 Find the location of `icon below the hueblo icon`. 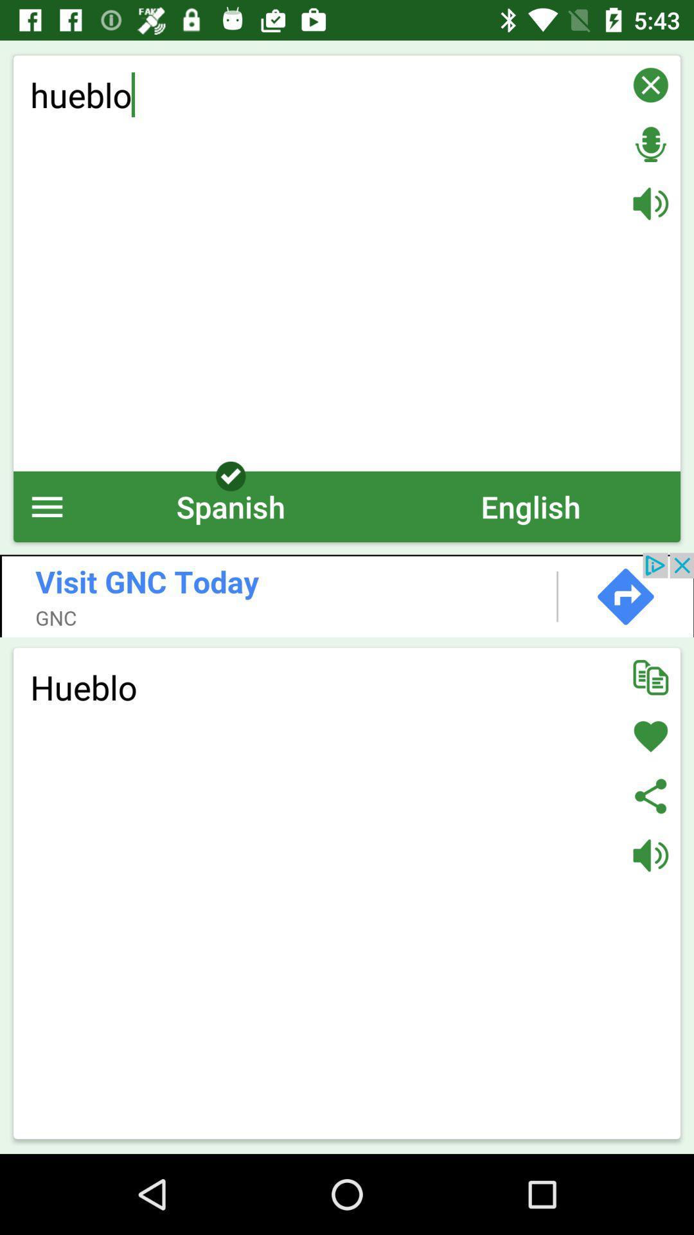

icon below the hueblo icon is located at coordinates (46, 506).